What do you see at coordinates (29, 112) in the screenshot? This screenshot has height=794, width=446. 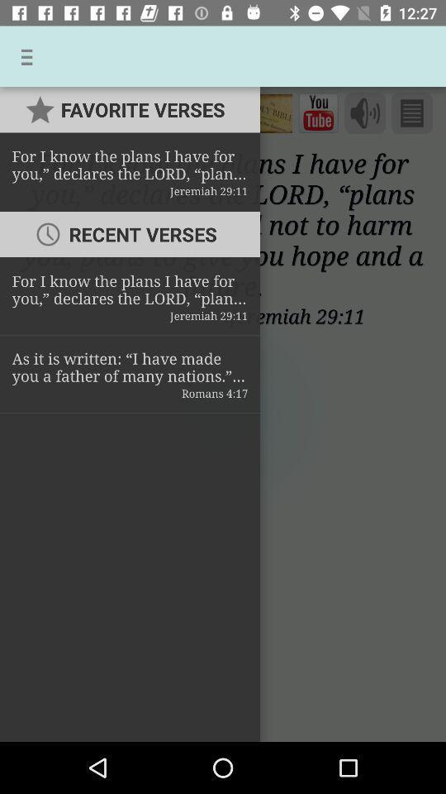 I see `the star icon` at bounding box center [29, 112].